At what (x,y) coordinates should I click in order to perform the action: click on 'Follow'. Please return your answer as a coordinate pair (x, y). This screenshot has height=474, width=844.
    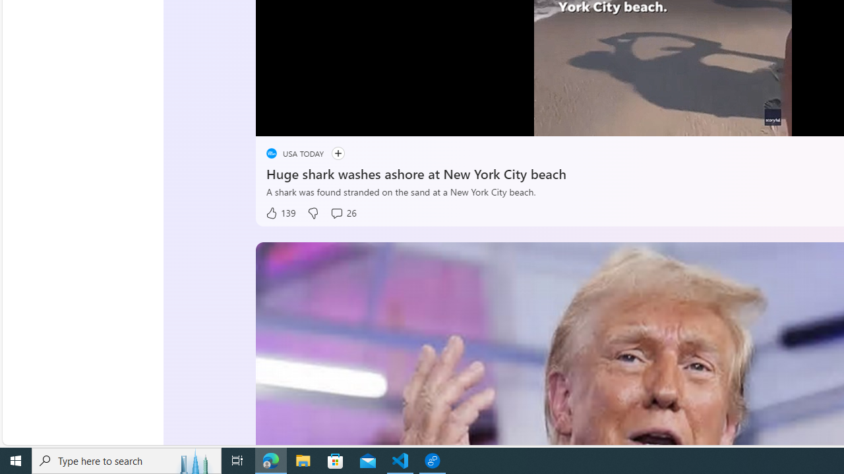
    Looking at the image, I should click on (332, 153).